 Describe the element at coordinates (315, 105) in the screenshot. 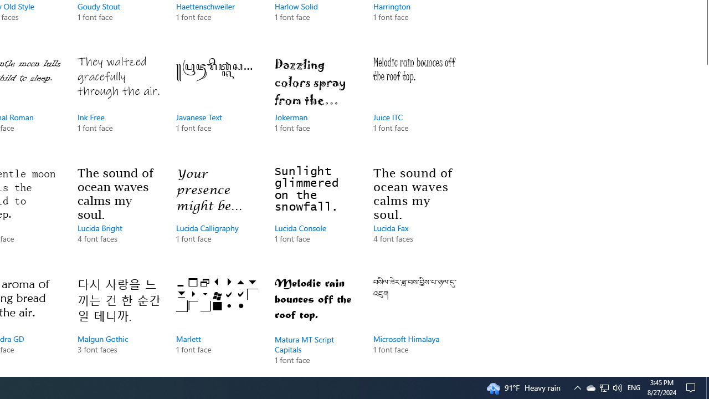

I see `'Jokerman, 1 font face'` at that location.